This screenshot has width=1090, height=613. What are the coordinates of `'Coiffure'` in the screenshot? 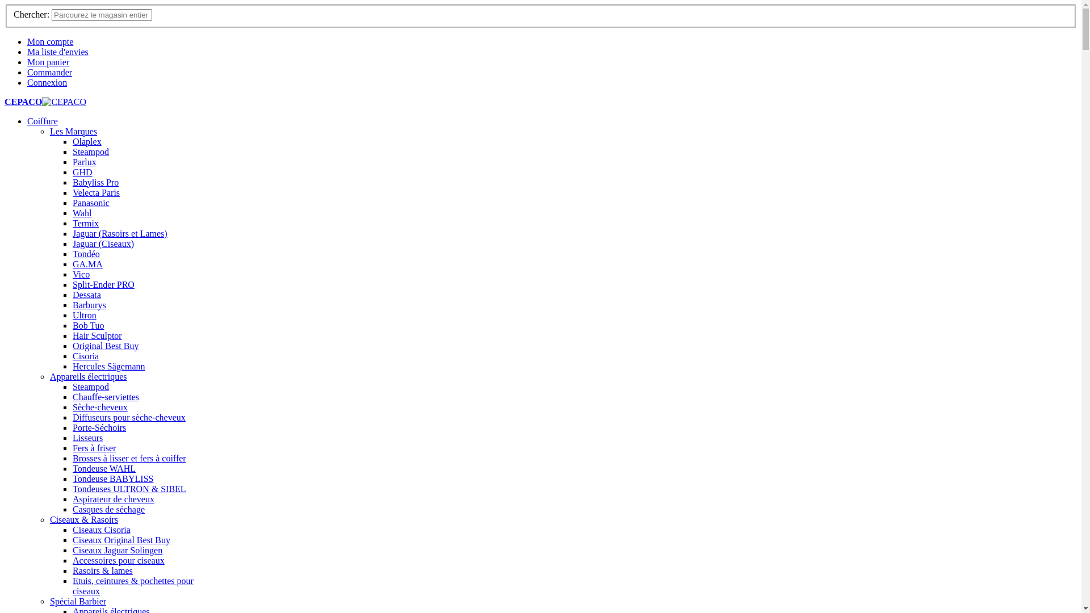 It's located at (43, 121).